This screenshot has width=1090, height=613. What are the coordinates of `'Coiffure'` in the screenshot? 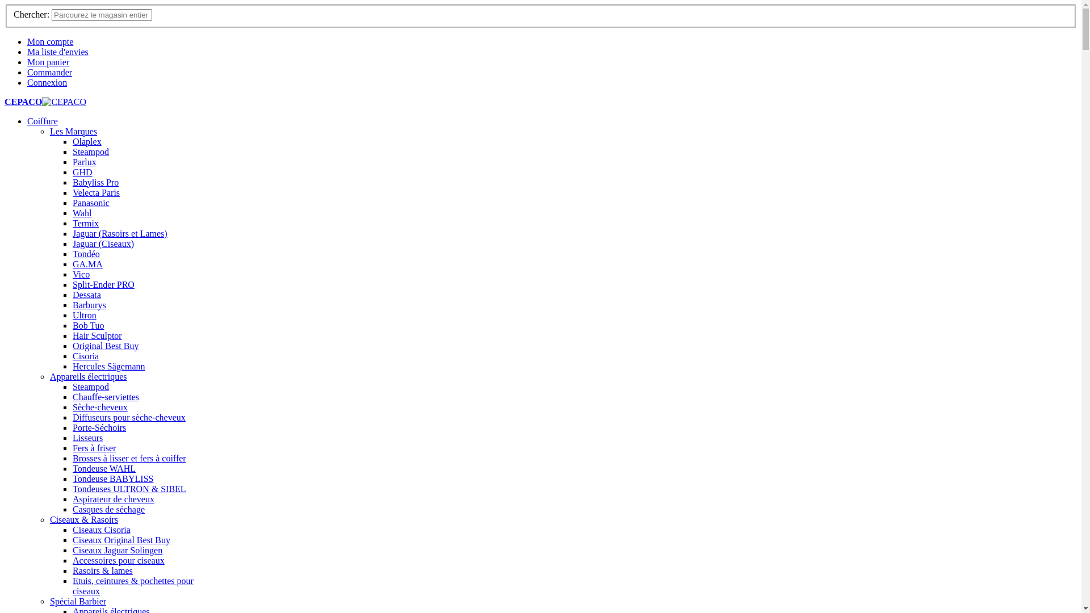 It's located at (43, 121).